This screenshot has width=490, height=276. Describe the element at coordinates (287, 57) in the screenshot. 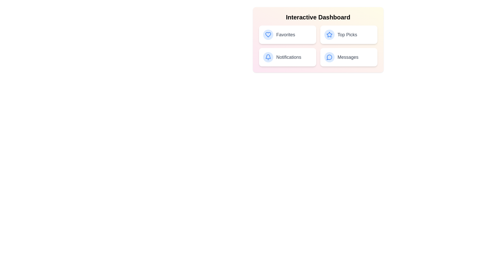

I see `the 'Notifications' button to view notifications` at that location.